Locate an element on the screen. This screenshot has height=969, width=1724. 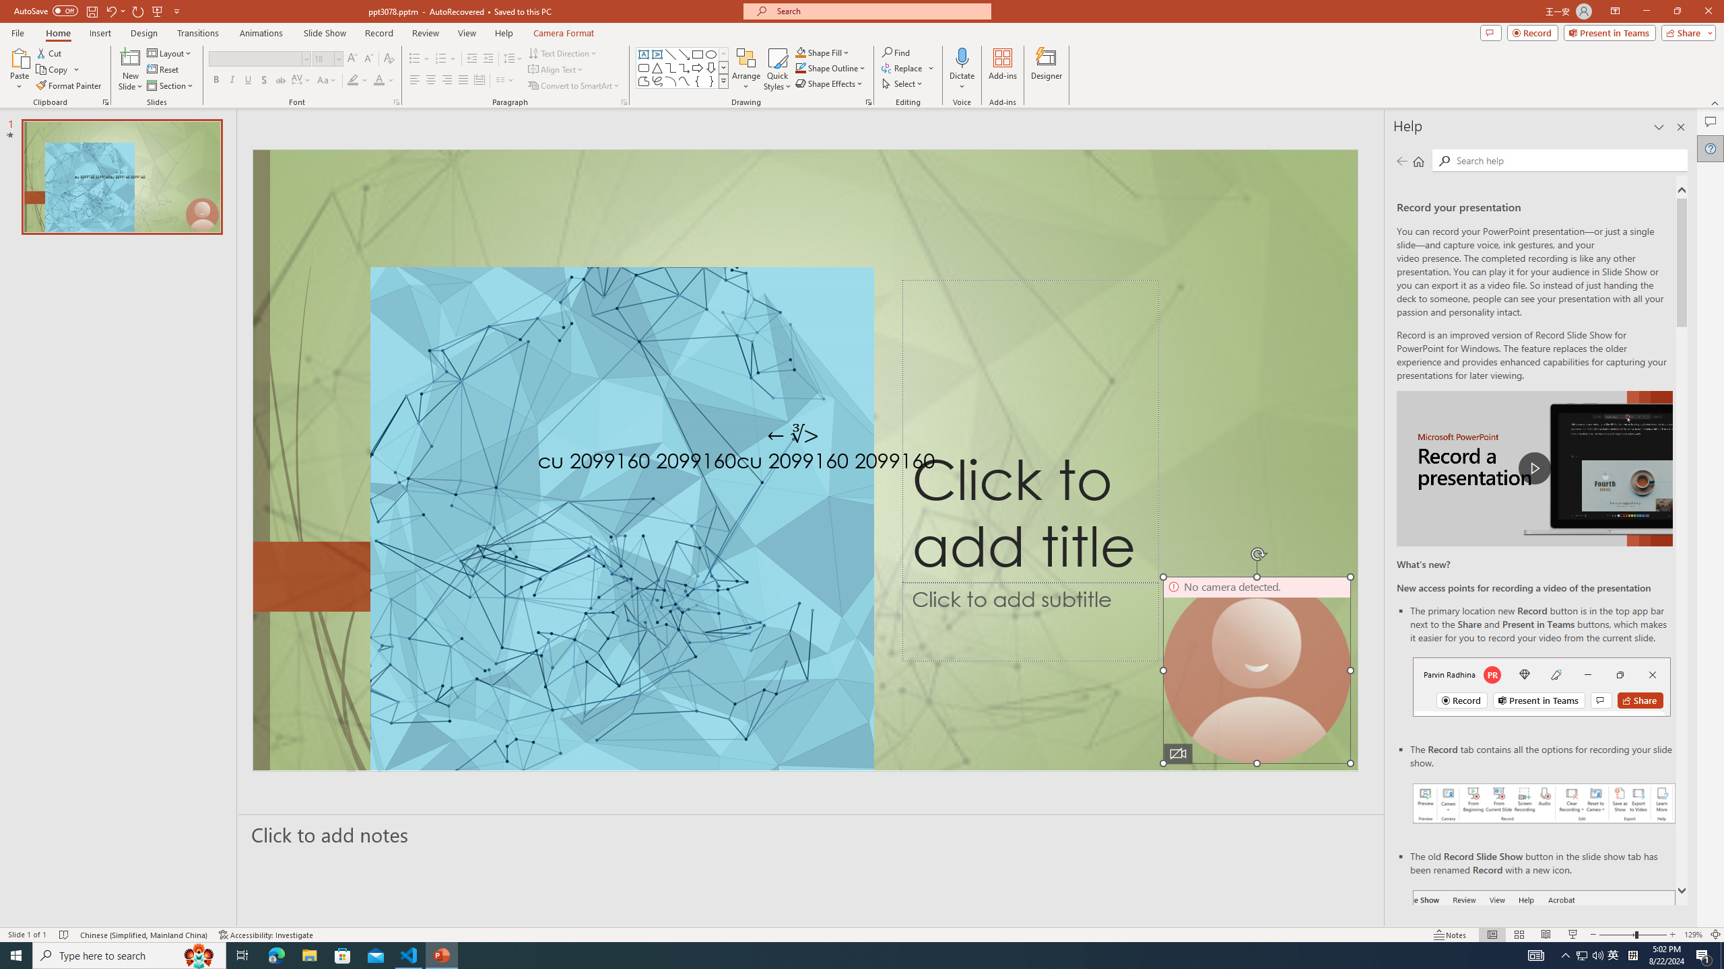
'Zoom 129%' is located at coordinates (1694, 935).